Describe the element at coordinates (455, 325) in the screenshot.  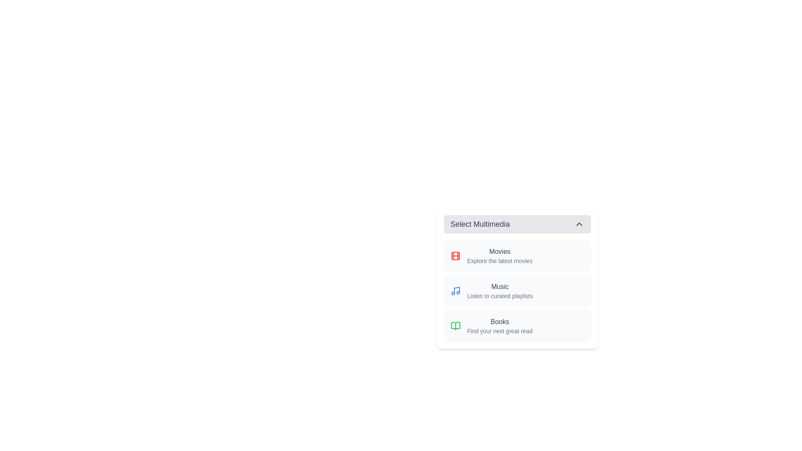
I see `the green open book icon at the bottom of the 'Select Multimedia' menu representing the 'Books' category` at that location.